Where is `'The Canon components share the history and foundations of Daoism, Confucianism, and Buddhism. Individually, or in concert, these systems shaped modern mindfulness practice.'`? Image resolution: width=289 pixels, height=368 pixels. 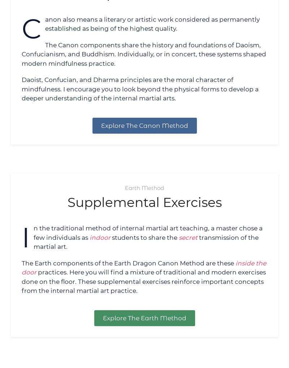 'The Canon components share the history and foundations of Daoism, Confucianism, and Buddhism. Individually, or in concert, these systems shaped modern mindfulness practice.' is located at coordinates (143, 54).